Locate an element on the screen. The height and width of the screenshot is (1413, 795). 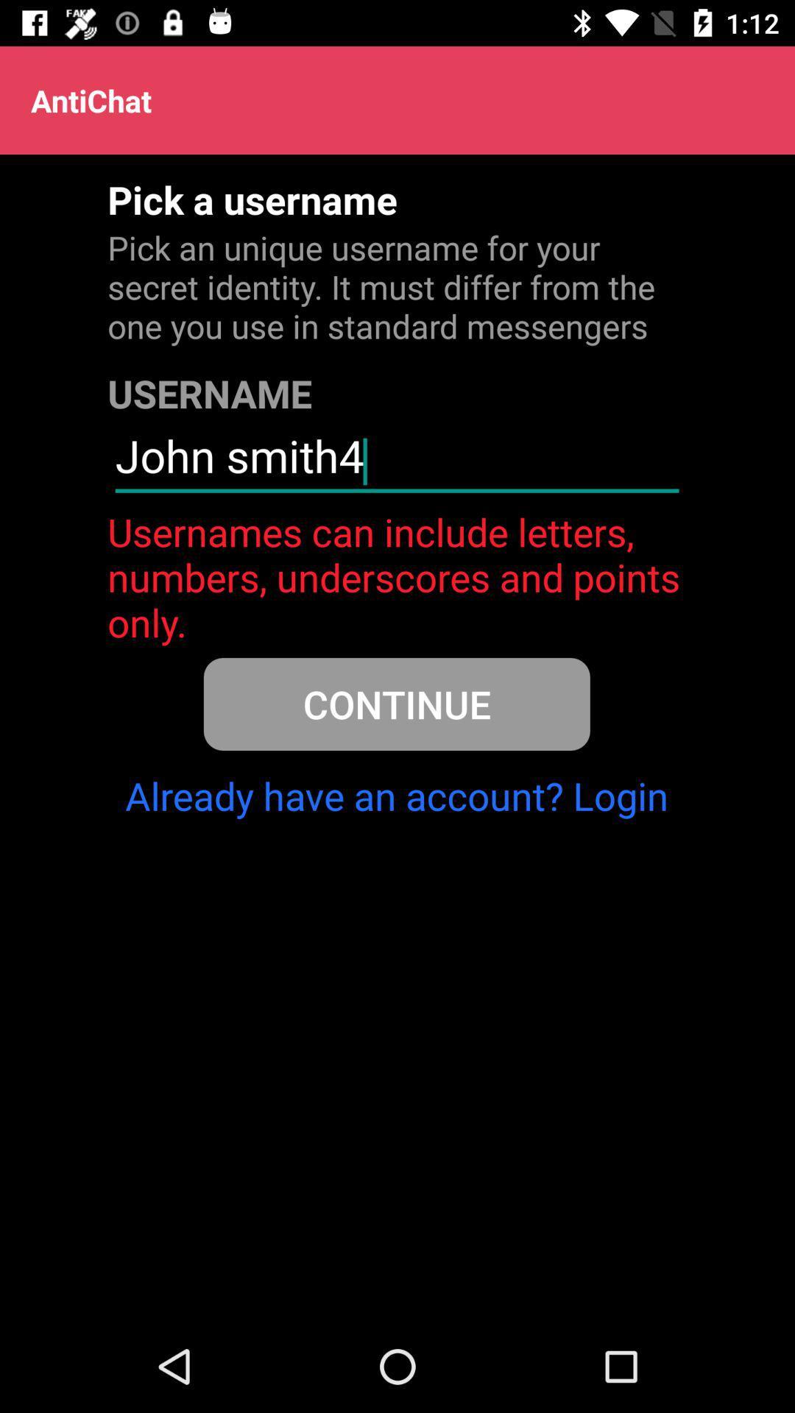
the icon above the usernames can include icon is located at coordinates (396, 461).